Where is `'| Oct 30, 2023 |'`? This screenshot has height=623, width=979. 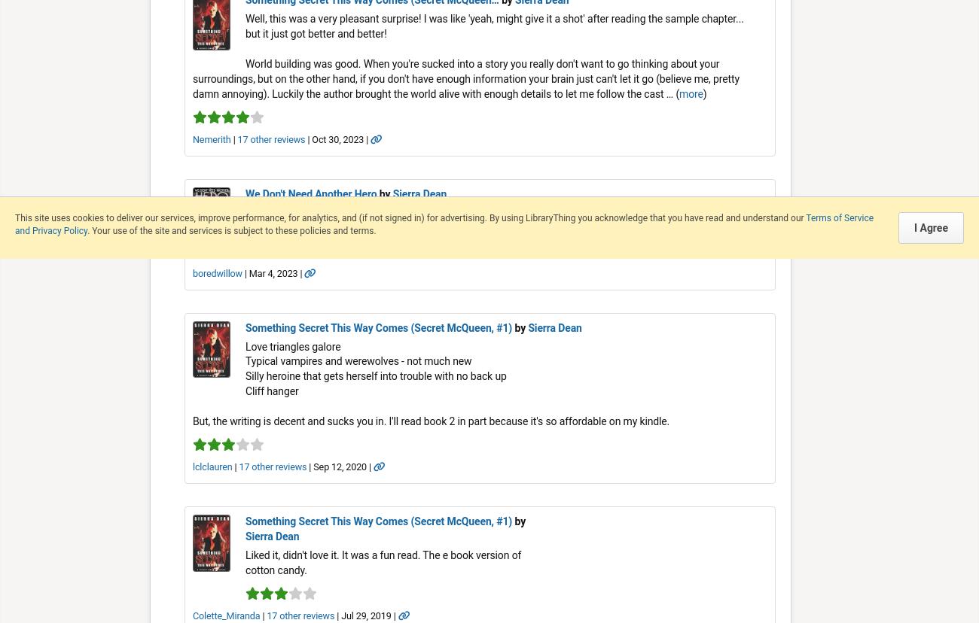
'| Oct 30, 2023 |' is located at coordinates (337, 138).